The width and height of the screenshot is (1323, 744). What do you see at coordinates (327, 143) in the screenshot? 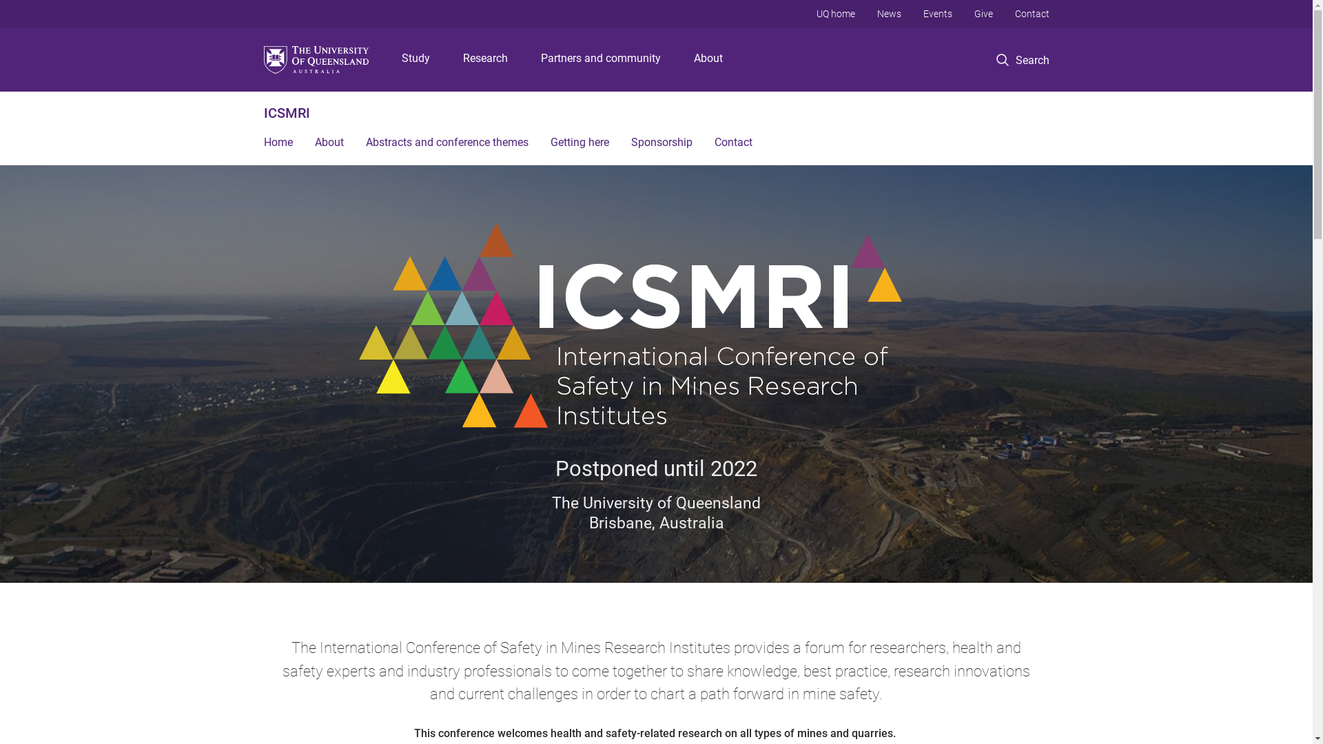
I see `'About'` at bounding box center [327, 143].